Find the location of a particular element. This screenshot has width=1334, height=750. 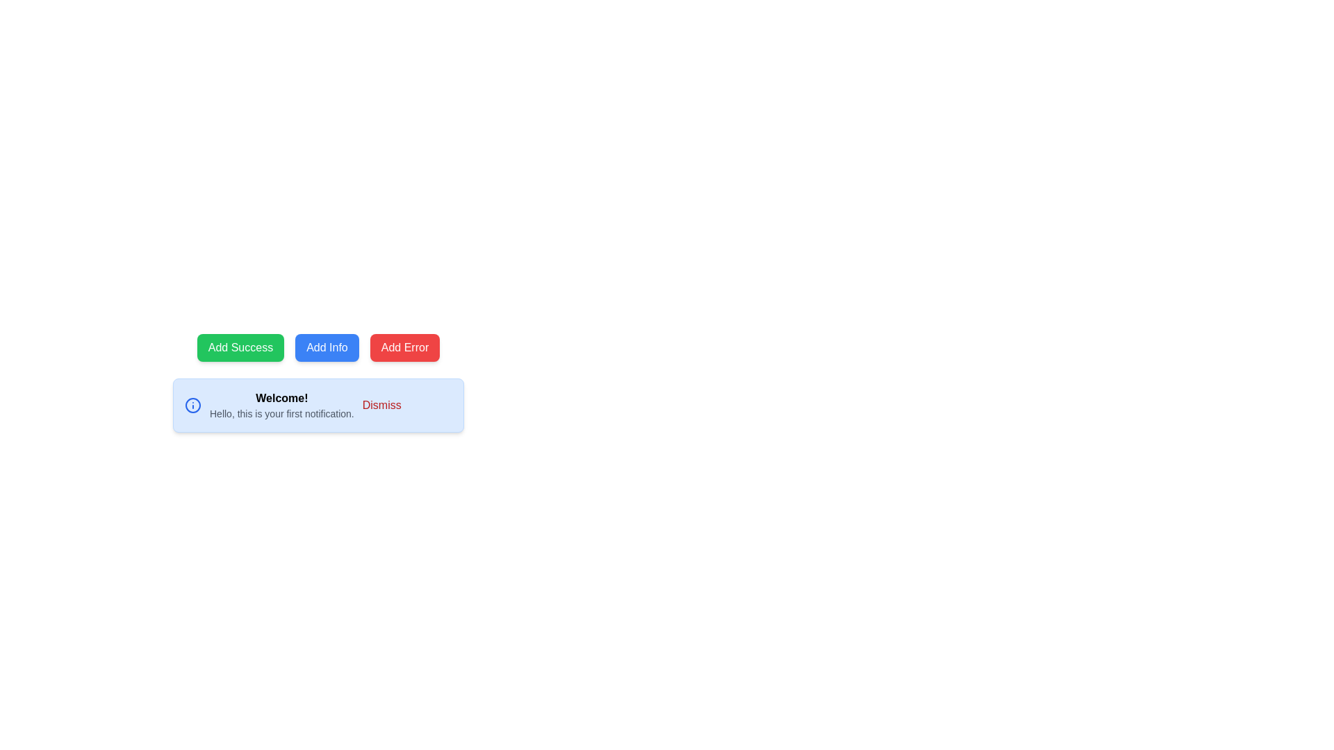

the 'Add Success' button, which is the leftmost button in a group of three buttons intended for displaying success messages, to provide visual feedback is located at coordinates (240, 347).